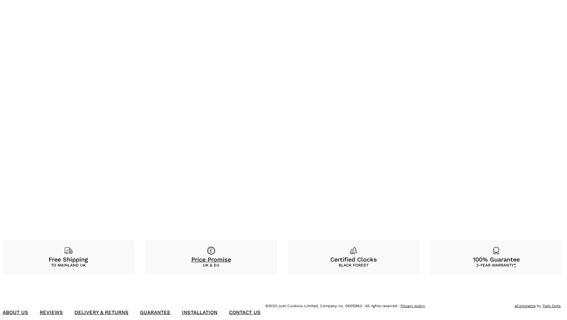 The image size is (567, 320). I want to click on 'by', so click(535, 305).